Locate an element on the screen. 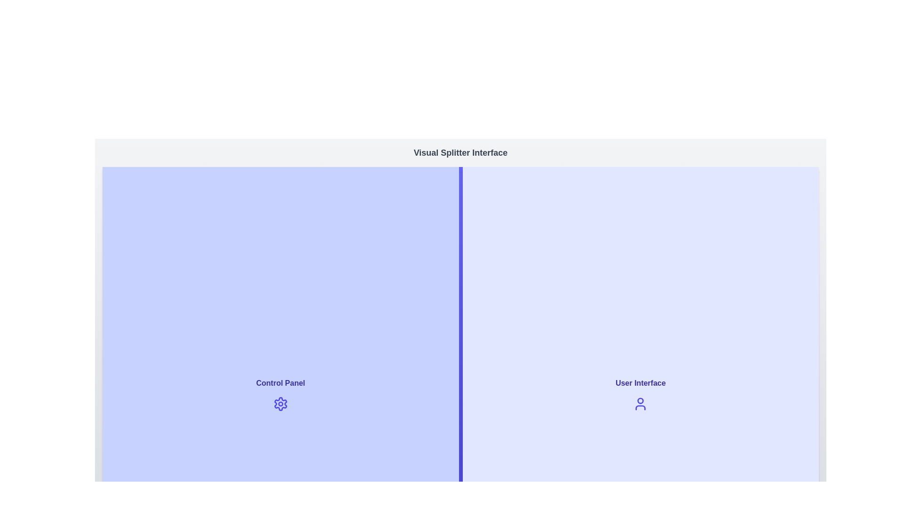 This screenshot has width=903, height=508. the gear/settings icon located in the Control Panel section is located at coordinates (280, 404).